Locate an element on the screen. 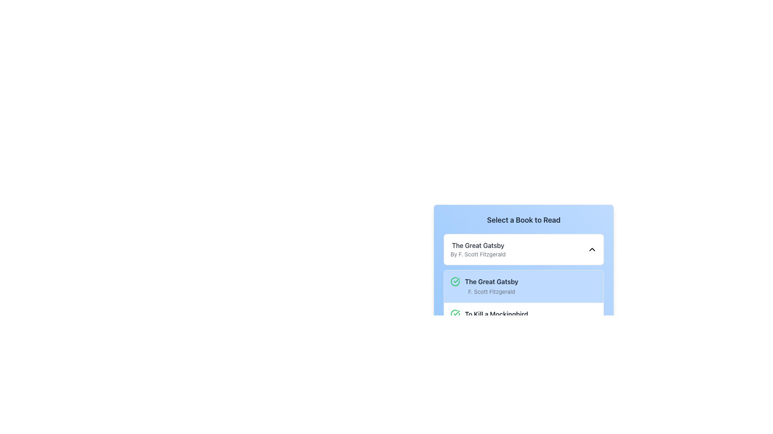  the state of the checkmark icon indicating selection for 'The Great Gatsby' in the list item is located at coordinates (457, 280).